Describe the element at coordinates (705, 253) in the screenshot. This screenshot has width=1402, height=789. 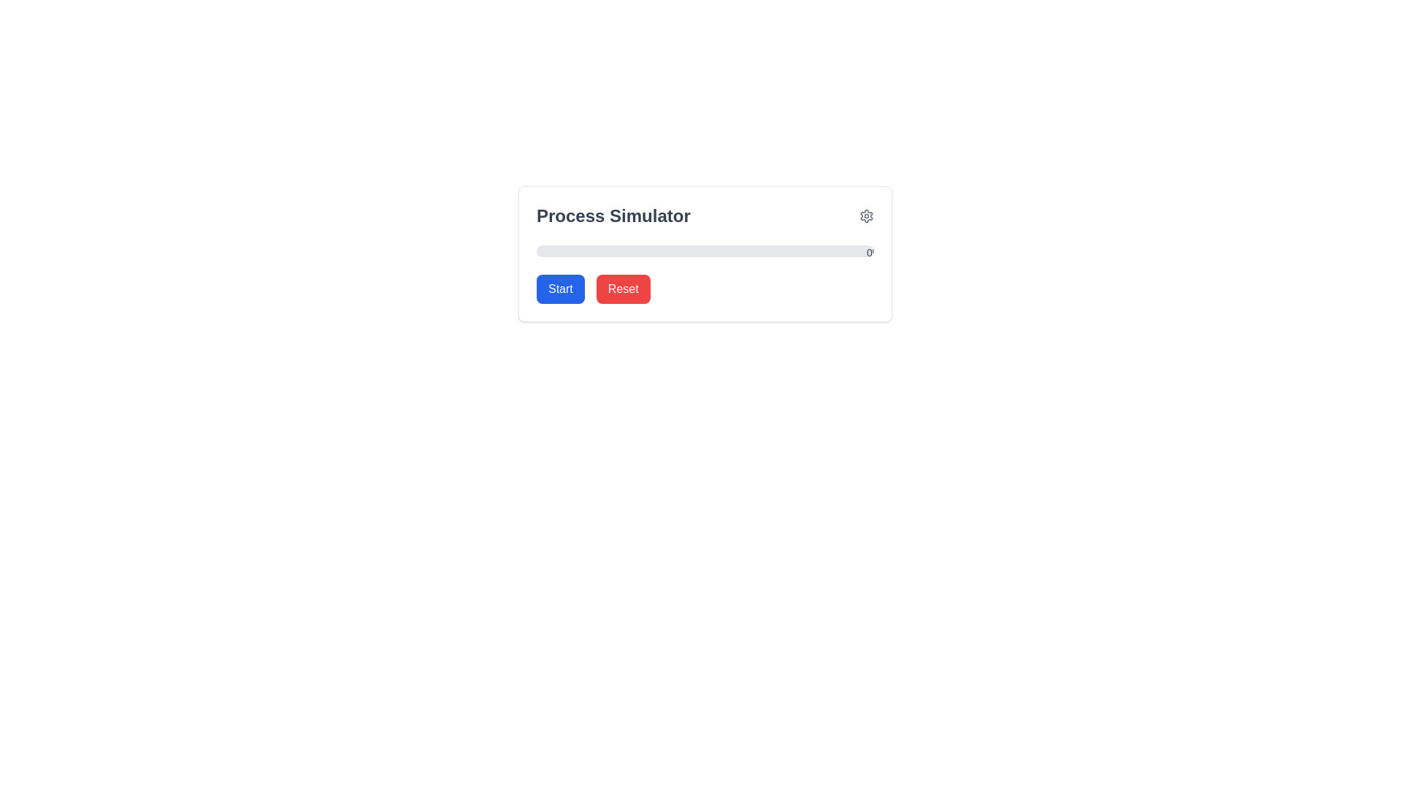
I see `the progress on the progress bar located centrally within the process simulation interface, situated below the header text` at that location.